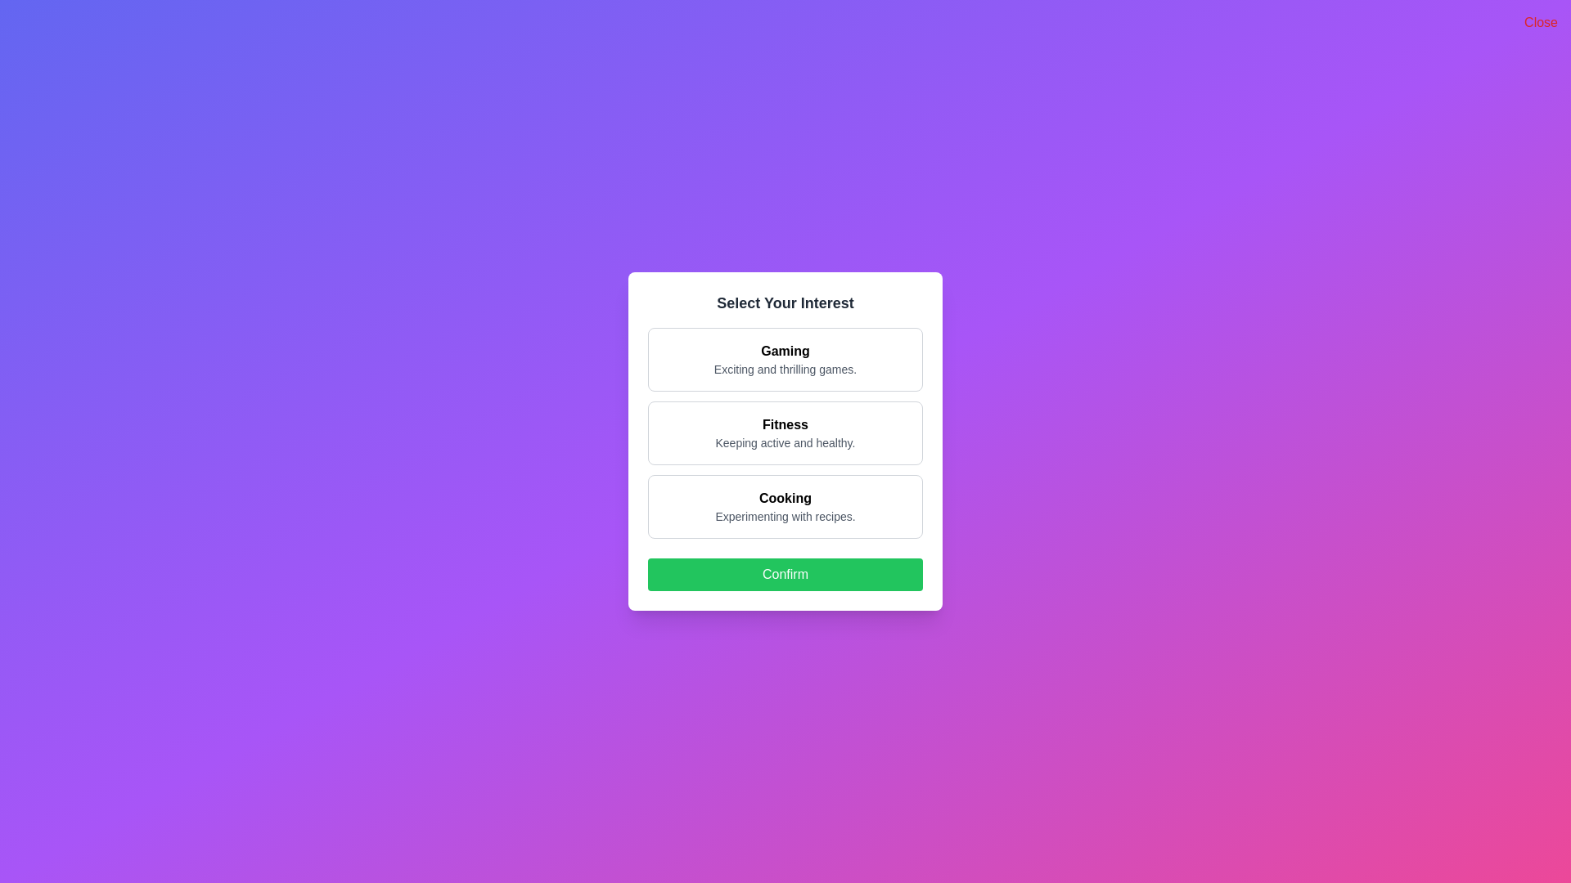  I want to click on the interest option Fitness by clicking on it, so click(785, 432).